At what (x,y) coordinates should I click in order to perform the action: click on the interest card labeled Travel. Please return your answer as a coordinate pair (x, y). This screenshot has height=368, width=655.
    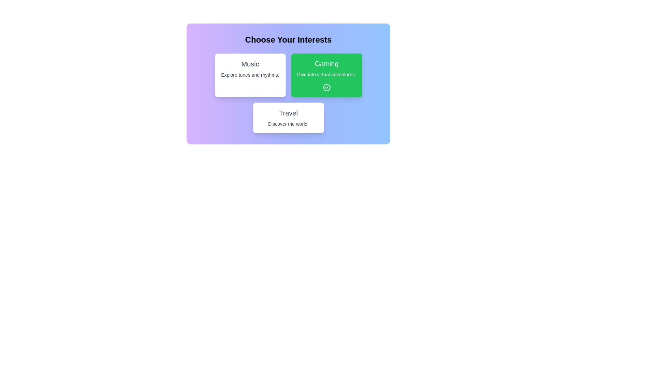
    Looking at the image, I should click on (288, 118).